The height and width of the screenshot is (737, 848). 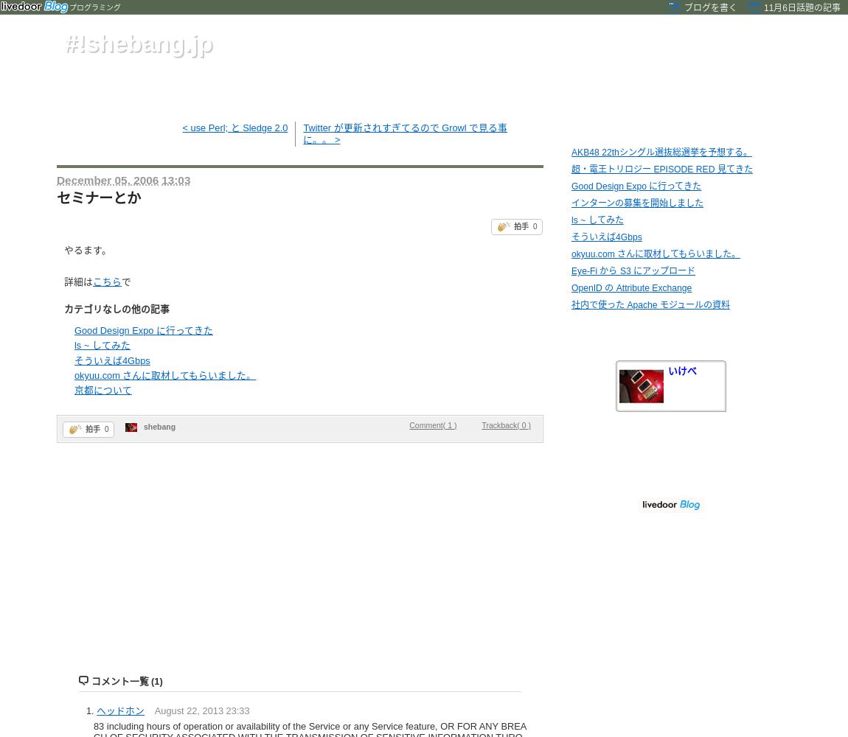 What do you see at coordinates (630, 288) in the screenshot?
I see `'OpenID の Attribute Exchange'` at bounding box center [630, 288].